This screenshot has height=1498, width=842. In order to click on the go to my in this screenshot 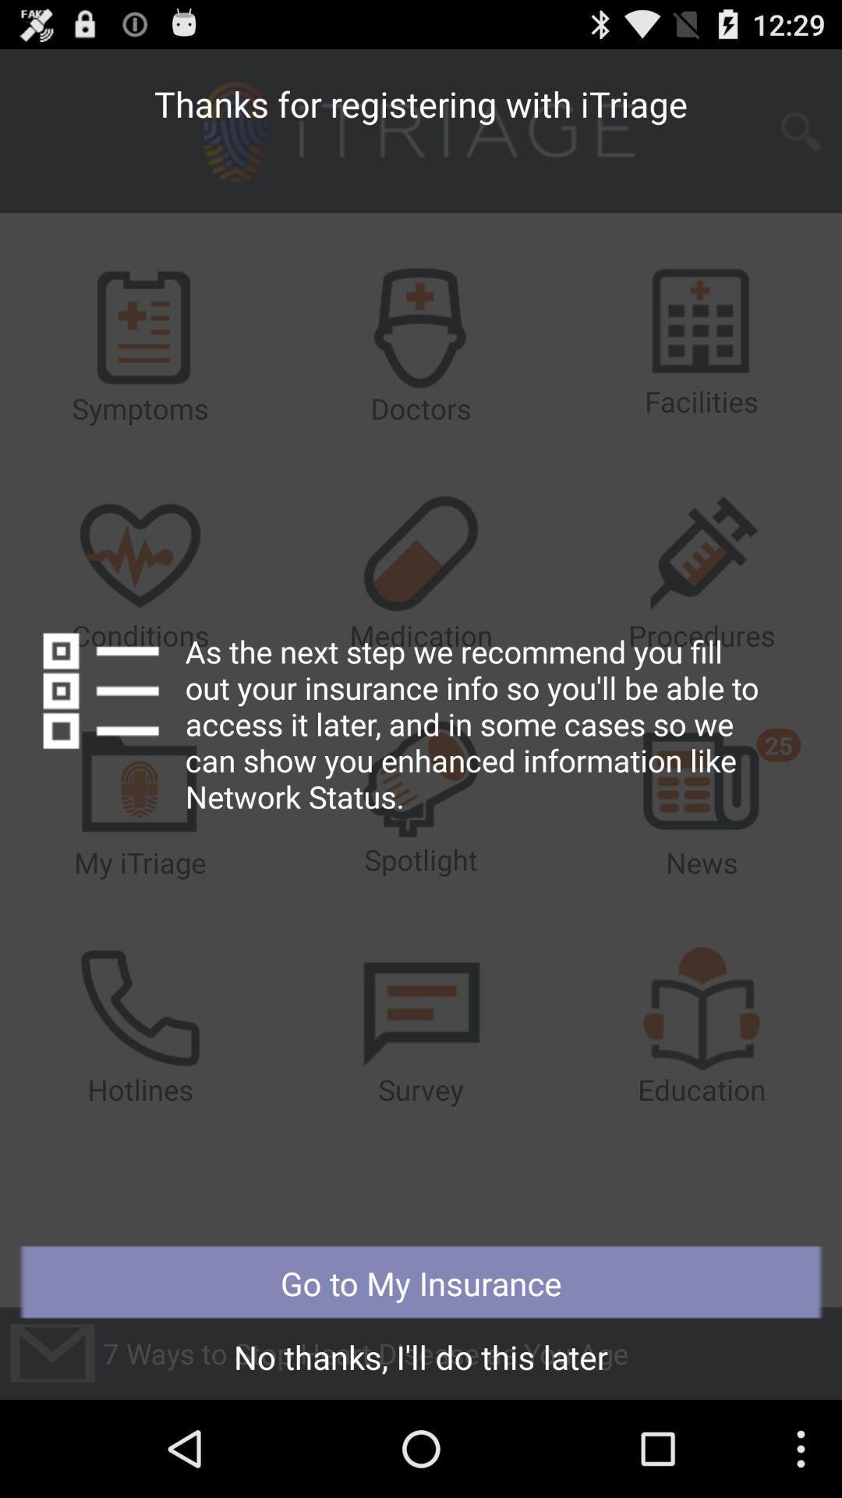, I will do `click(421, 1283)`.